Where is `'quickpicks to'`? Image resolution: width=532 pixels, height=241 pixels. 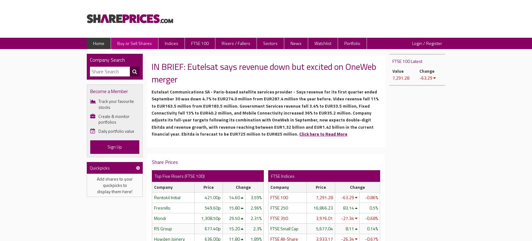
'quickpicks to' is located at coordinates (114, 185).